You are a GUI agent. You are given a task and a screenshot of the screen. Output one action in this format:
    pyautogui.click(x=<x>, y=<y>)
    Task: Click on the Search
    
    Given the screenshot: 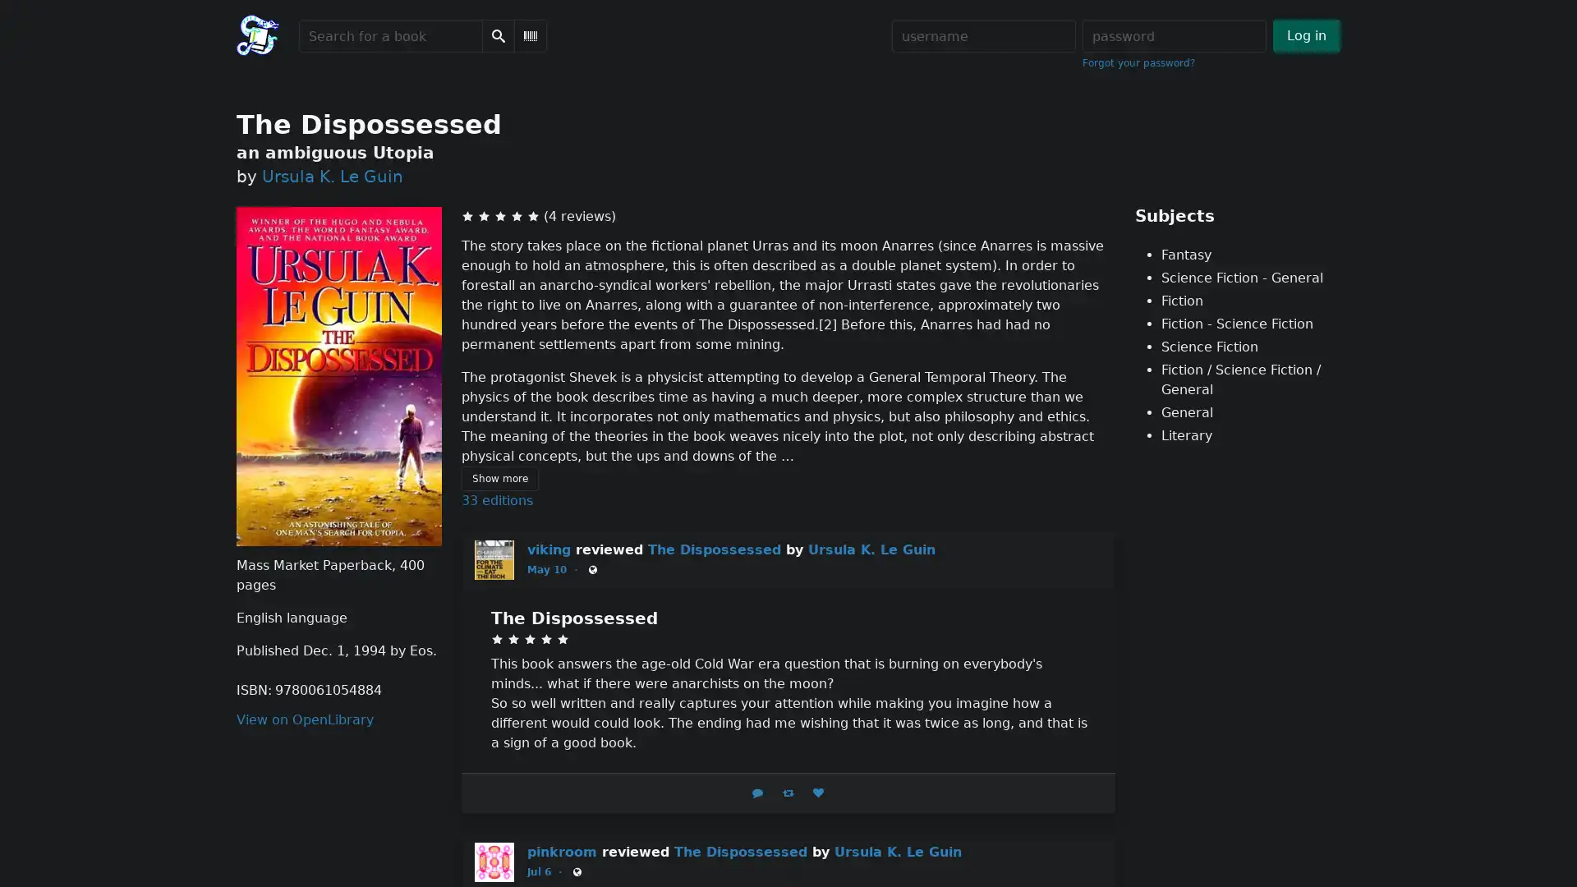 What is the action you would take?
    pyautogui.click(x=497, y=35)
    